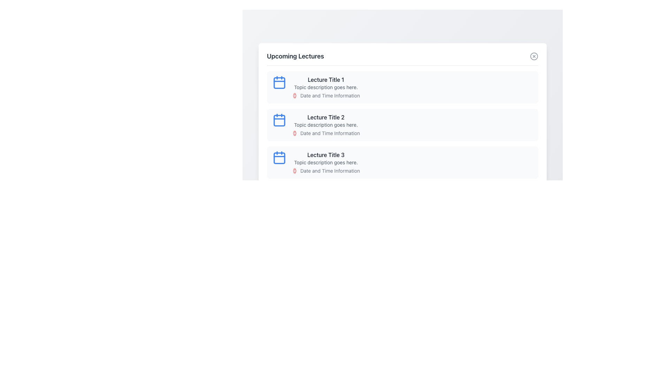 The width and height of the screenshot is (669, 376). Describe the element at coordinates (325, 87) in the screenshot. I see `the Informational panel containing the title 'Lecture Title 1', with a description and date information, located in the first row of the lecture list` at that location.